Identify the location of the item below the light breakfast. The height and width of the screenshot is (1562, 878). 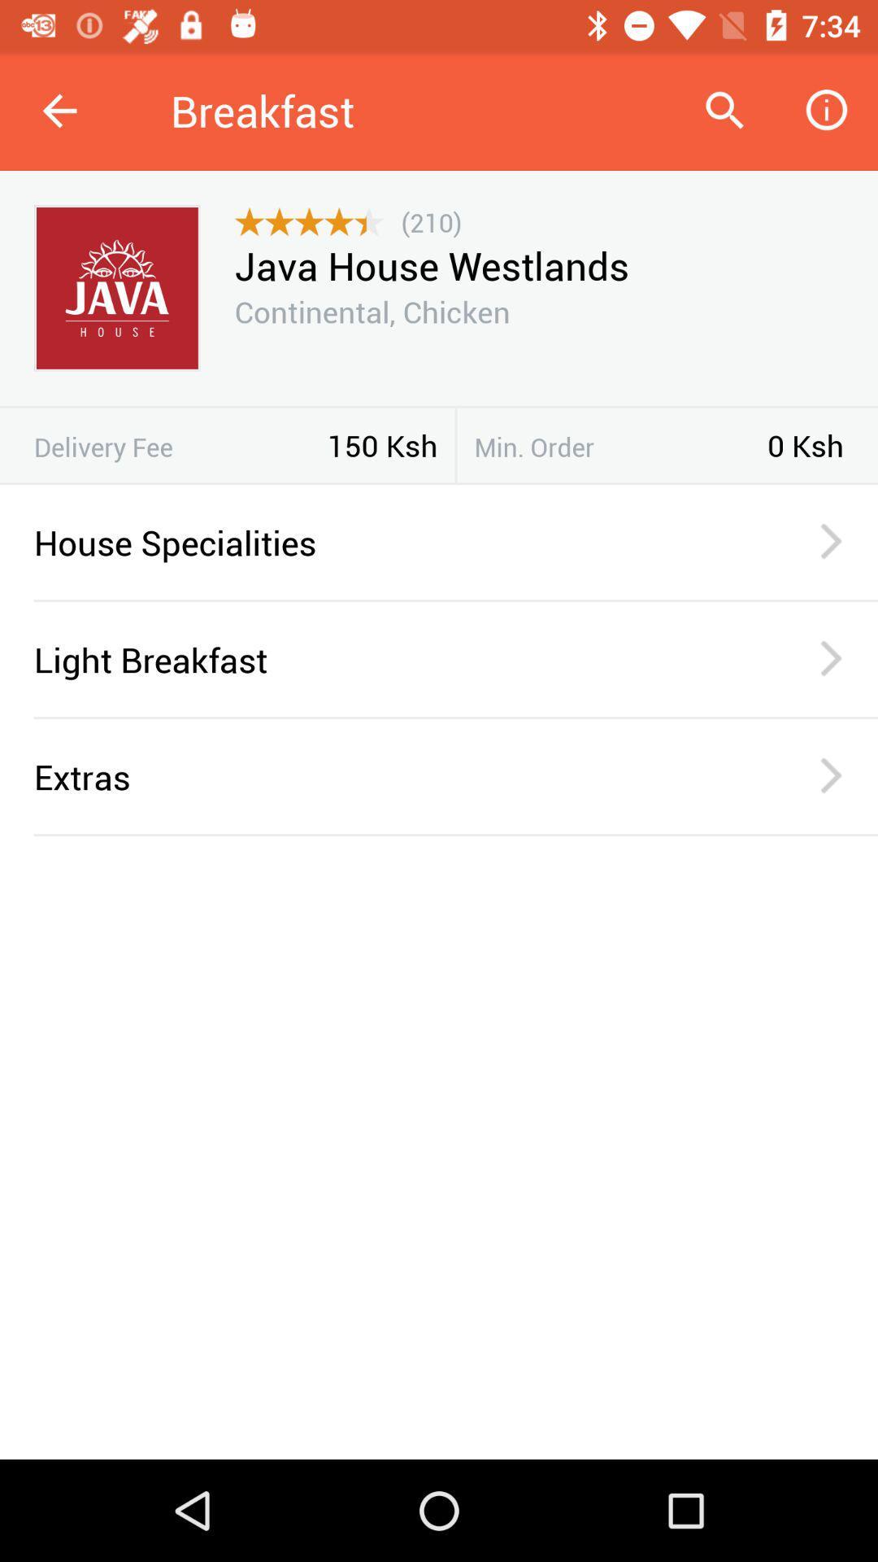
(455, 717).